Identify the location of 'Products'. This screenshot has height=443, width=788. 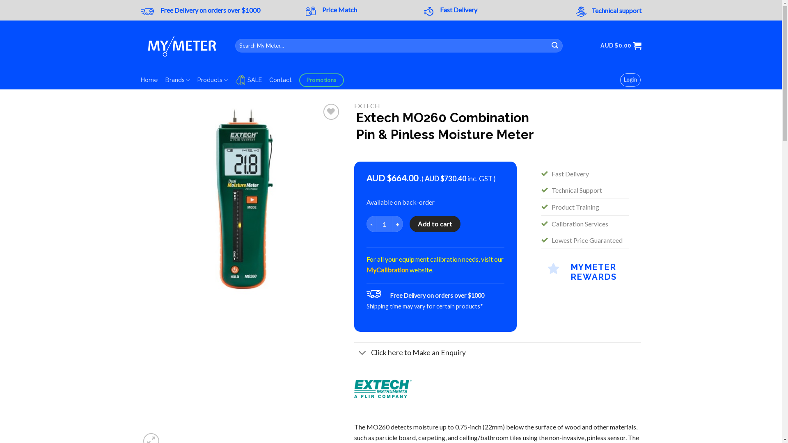
(213, 80).